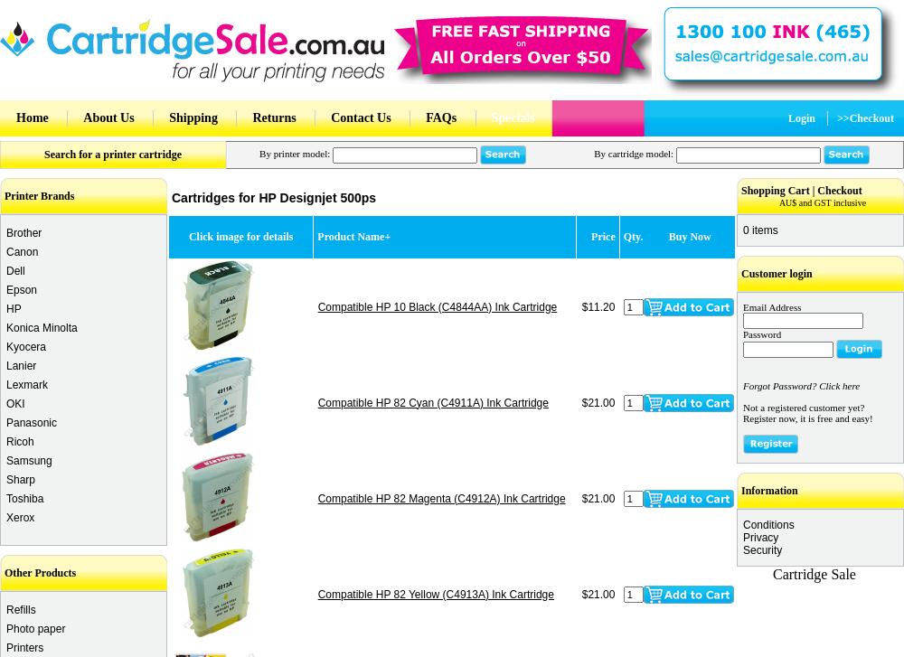 The image size is (904, 657). Describe the element at coordinates (6, 384) in the screenshot. I see `'Lexmark'` at that location.